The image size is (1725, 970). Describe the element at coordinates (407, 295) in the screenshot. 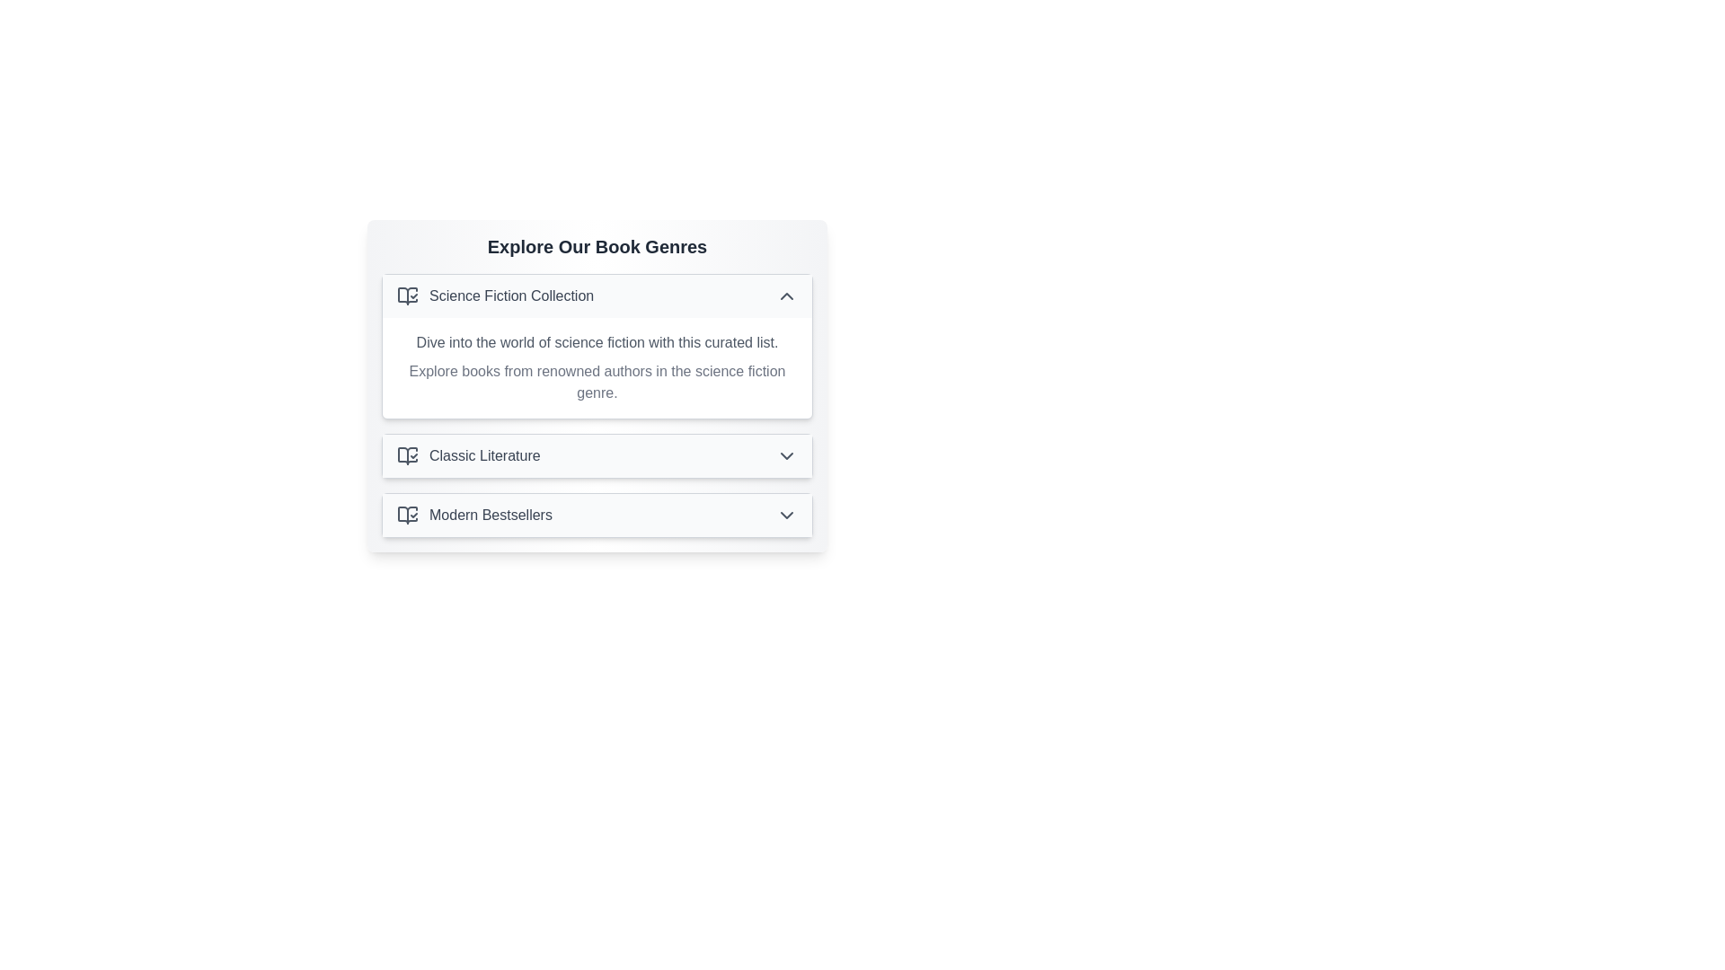

I see `the icon representing the 'Science Fiction Collection' category, which is located to the left of the text 'Science Fiction Collection'` at that location.